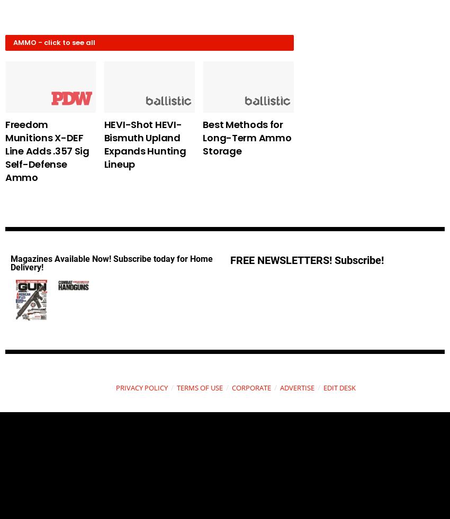  I want to click on 'AMMO - click to see all', so click(53, 42).